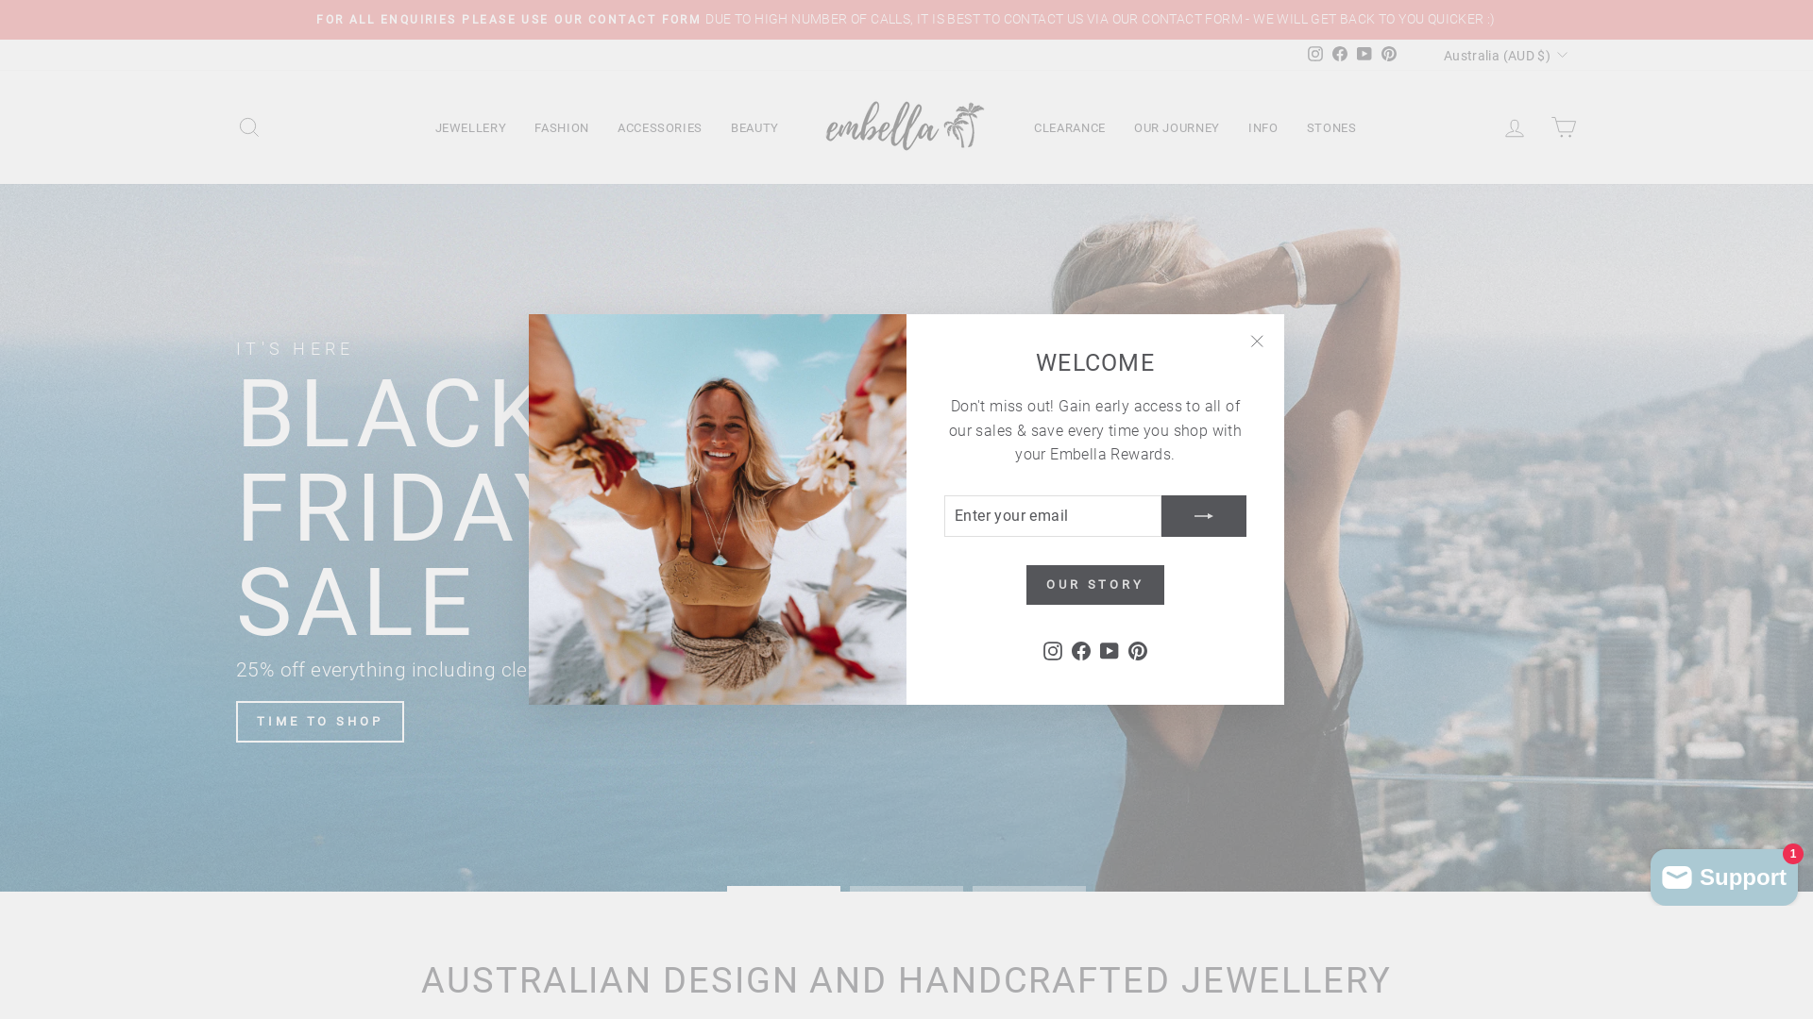  Describe the element at coordinates (1263, 127) in the screenshot. I see `'INFO'` at that location.